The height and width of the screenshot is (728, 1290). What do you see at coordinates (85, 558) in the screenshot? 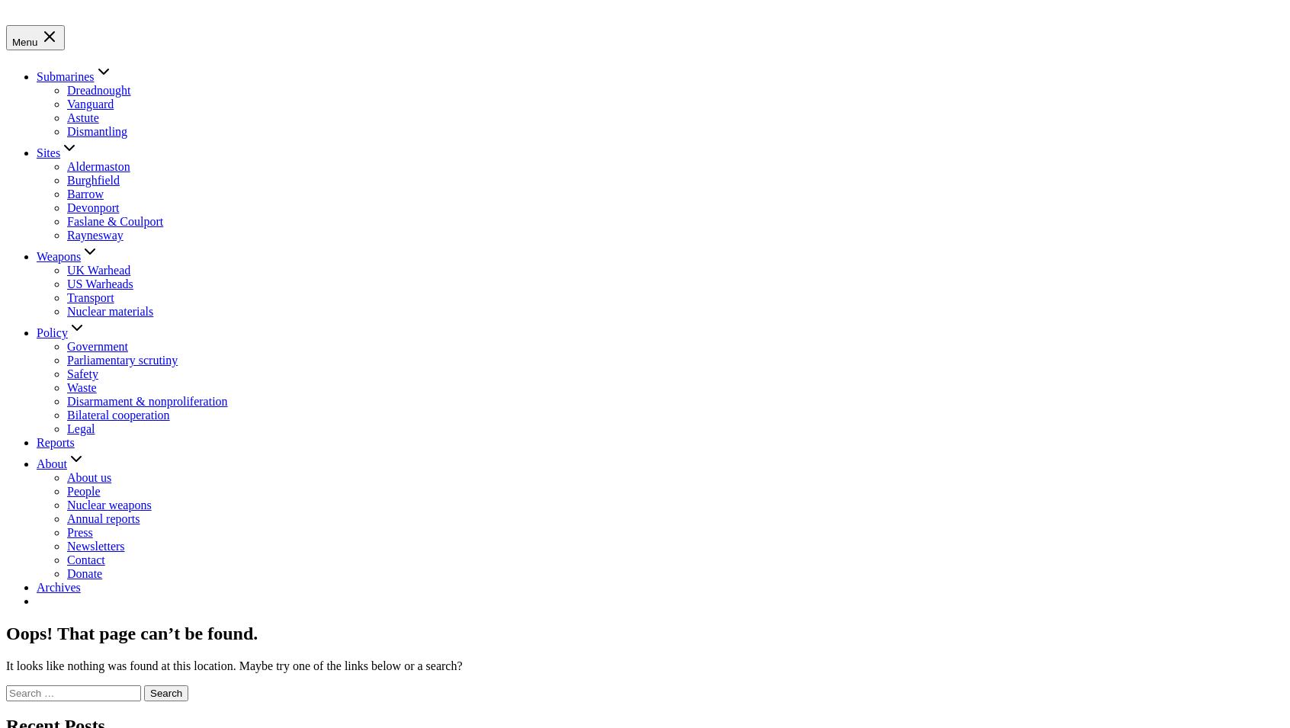
I see `'Contact'` at bounding box center [85, 558].